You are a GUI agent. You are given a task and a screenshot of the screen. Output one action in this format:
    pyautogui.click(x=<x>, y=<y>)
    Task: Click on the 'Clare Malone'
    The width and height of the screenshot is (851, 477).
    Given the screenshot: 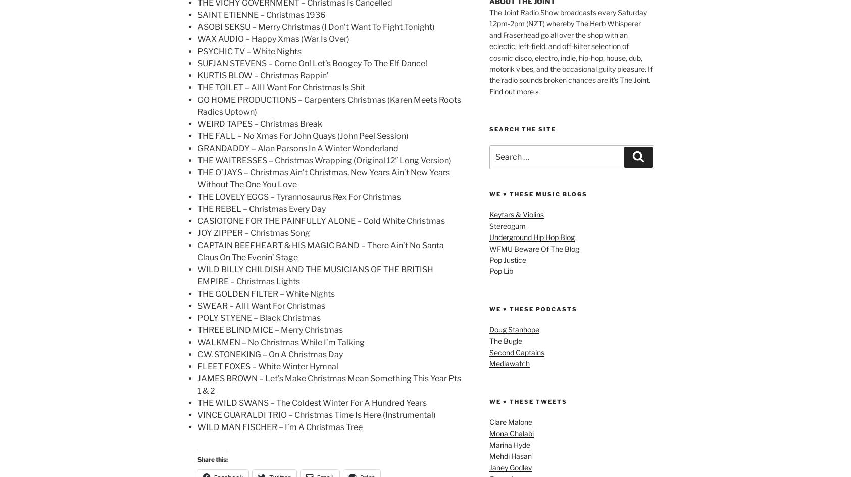 What is the action you would take?
    pyautogui.click(x=511, y=422)
    